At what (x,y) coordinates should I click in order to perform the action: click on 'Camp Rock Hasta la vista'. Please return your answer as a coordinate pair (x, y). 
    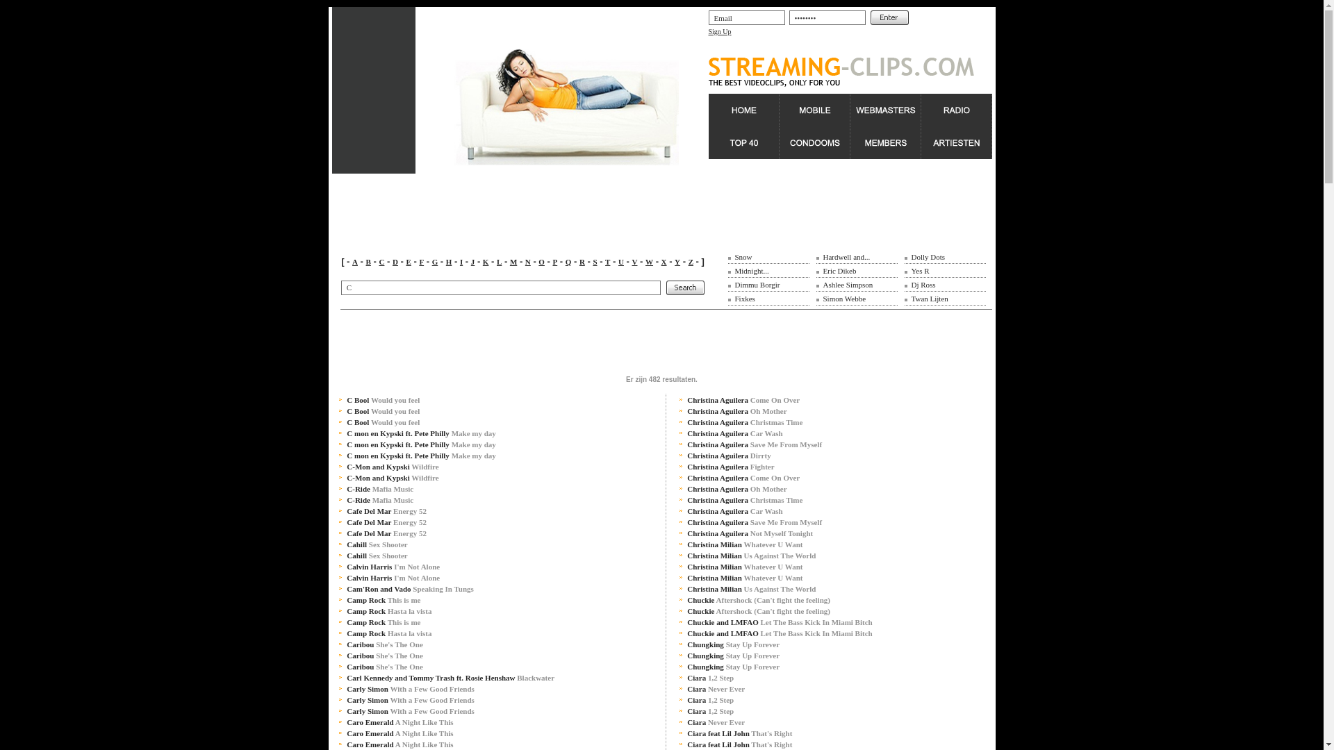
    Looking at the image, I should click on (347, 610).